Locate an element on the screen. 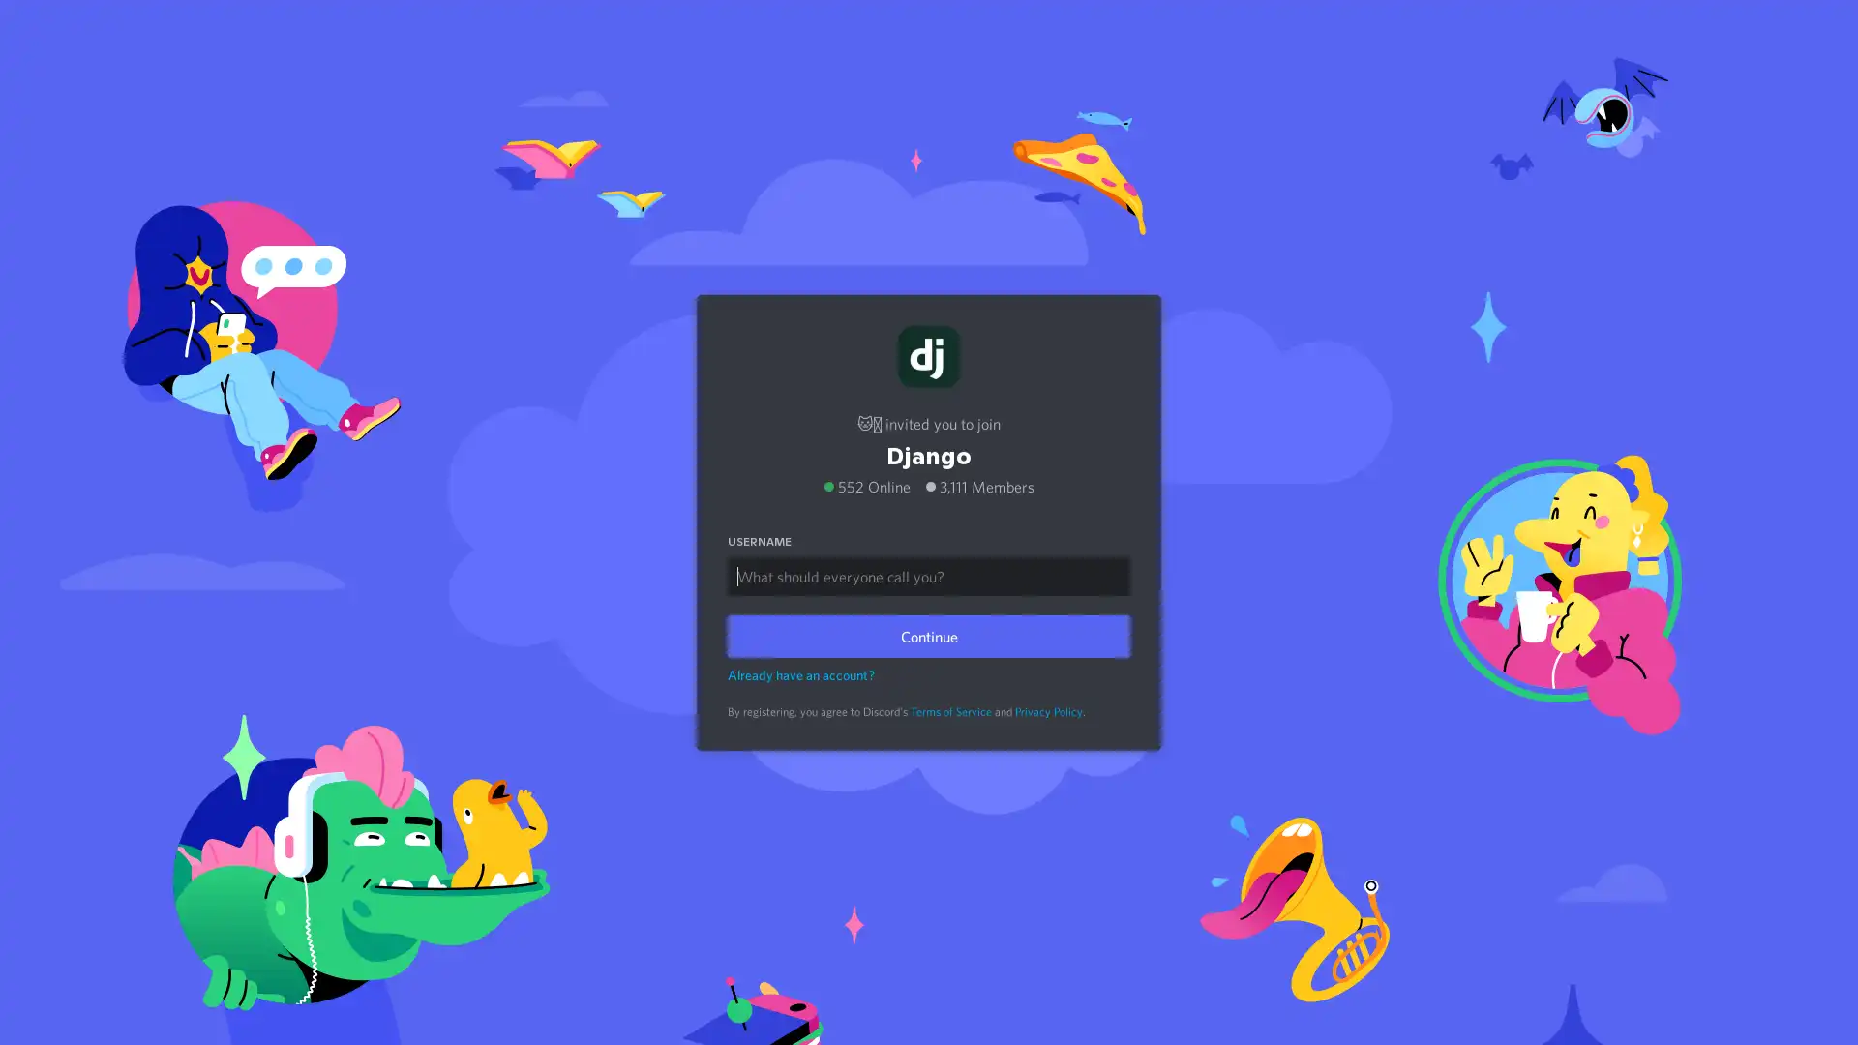 The width and height of the screenshot is (1858, 1045). Already have an account? is located at coordinates (801, 673).